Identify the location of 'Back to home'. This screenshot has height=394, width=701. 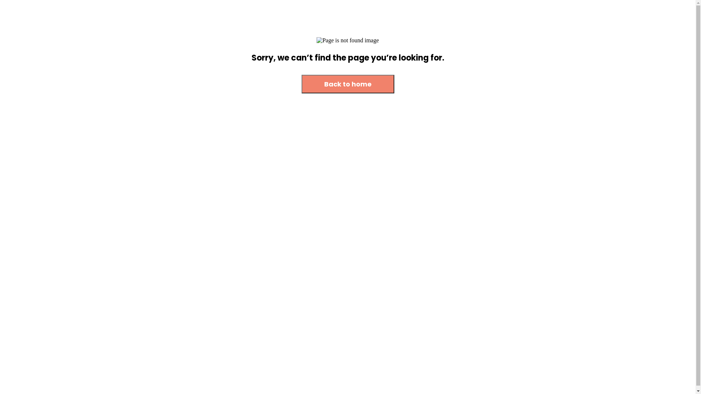
(348, 84).